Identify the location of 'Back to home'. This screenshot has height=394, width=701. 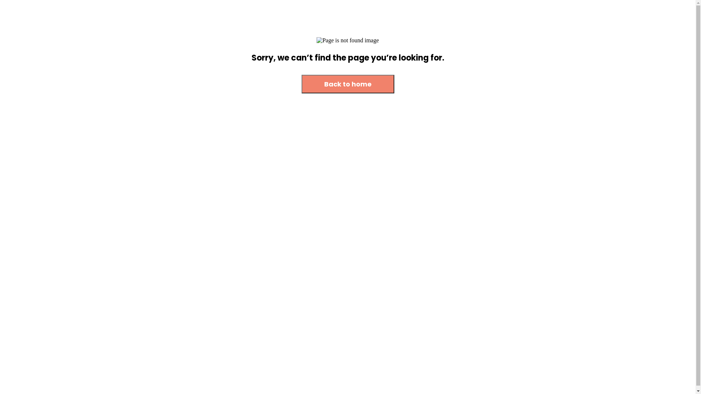
(348, 84).